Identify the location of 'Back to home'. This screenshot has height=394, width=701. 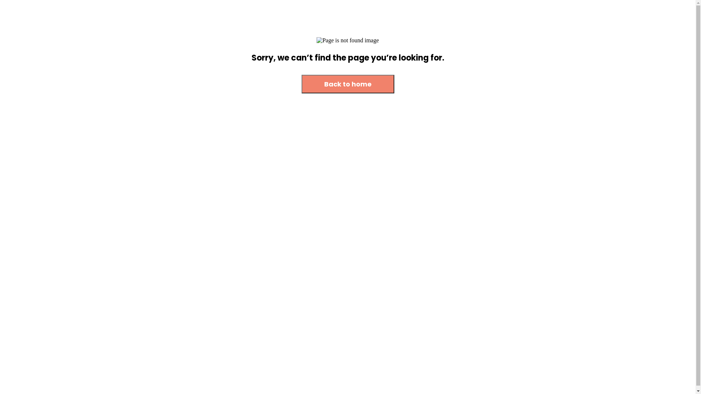
(348, 84).